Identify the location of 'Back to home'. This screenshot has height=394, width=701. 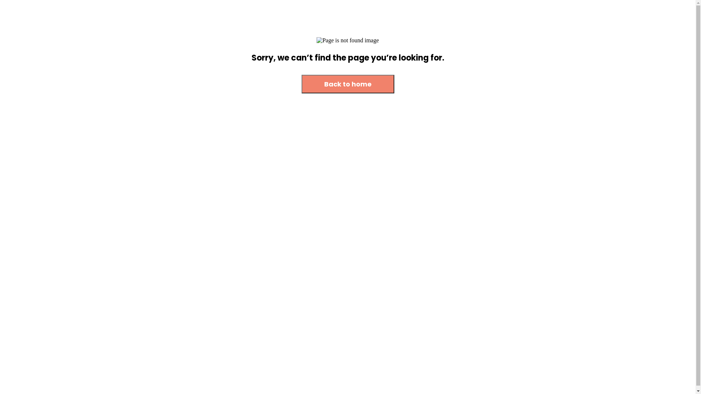
(348, 84).